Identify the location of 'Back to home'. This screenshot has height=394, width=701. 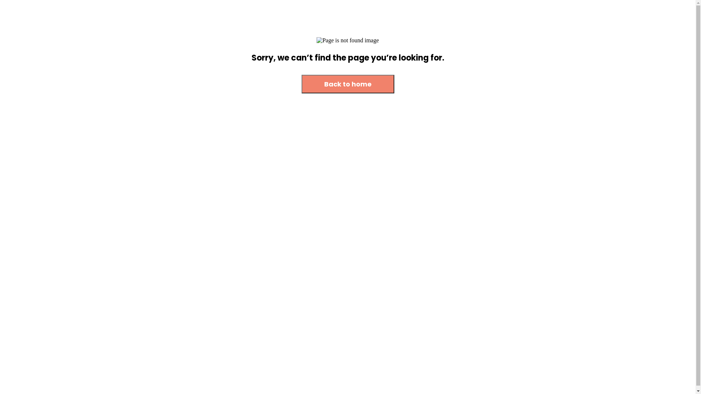
(348, 84).